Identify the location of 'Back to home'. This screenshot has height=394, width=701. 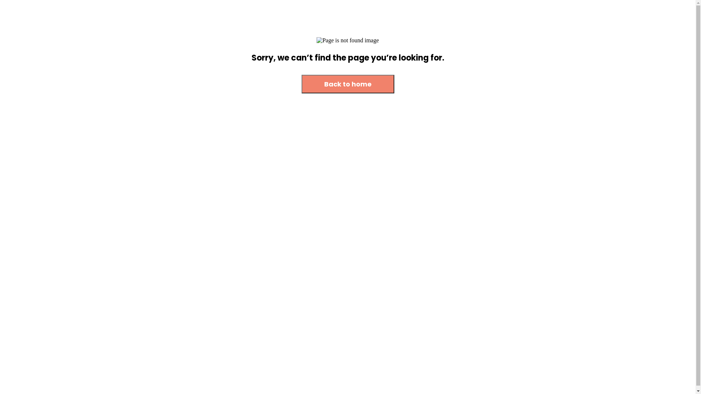
(348, 84).